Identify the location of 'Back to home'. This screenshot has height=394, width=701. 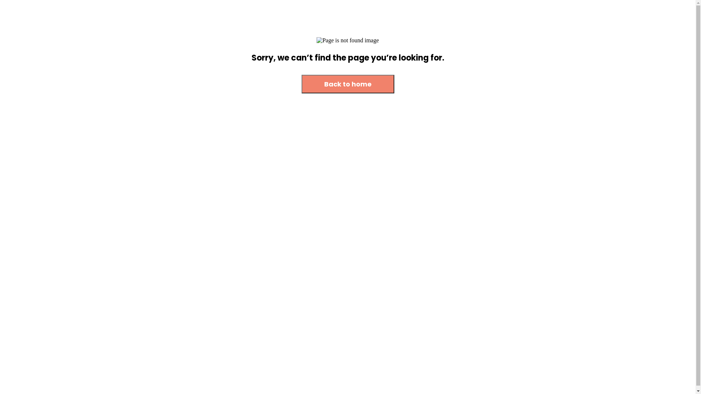
(348, 84).